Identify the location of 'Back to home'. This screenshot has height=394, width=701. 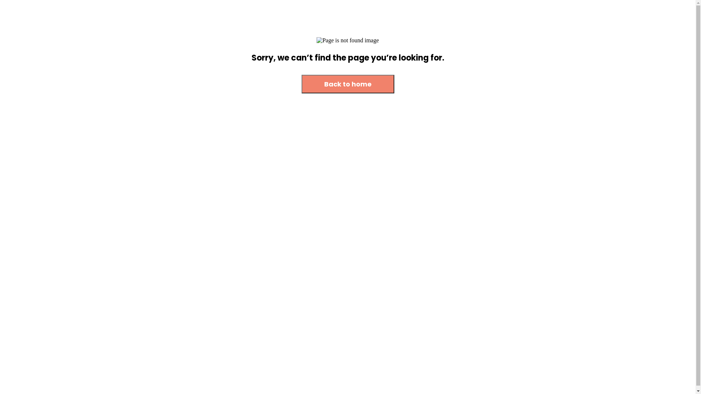
(348, 84).